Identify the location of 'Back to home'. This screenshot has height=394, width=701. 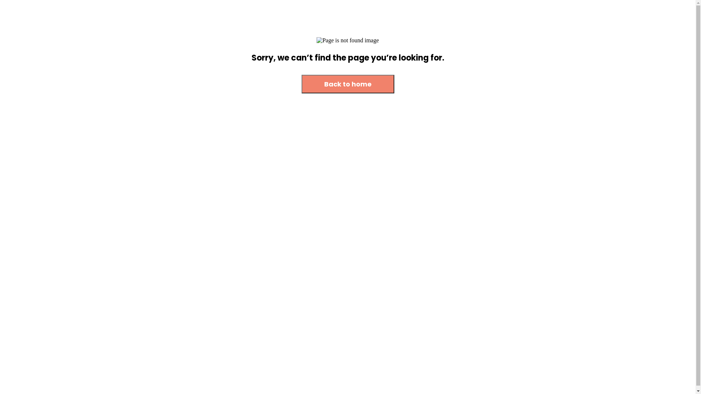
(348, 84).